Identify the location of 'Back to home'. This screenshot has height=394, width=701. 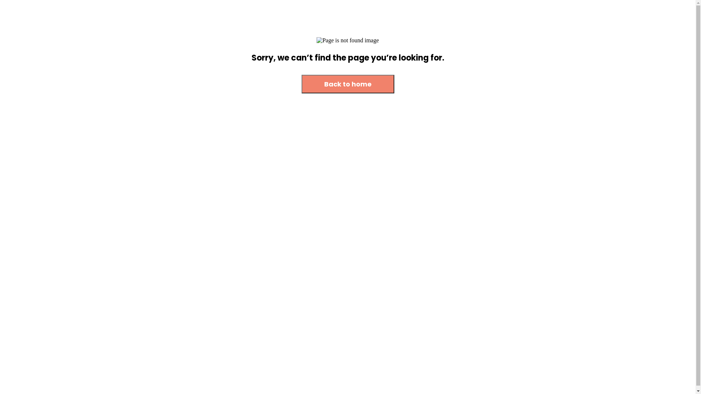
(348, 84).